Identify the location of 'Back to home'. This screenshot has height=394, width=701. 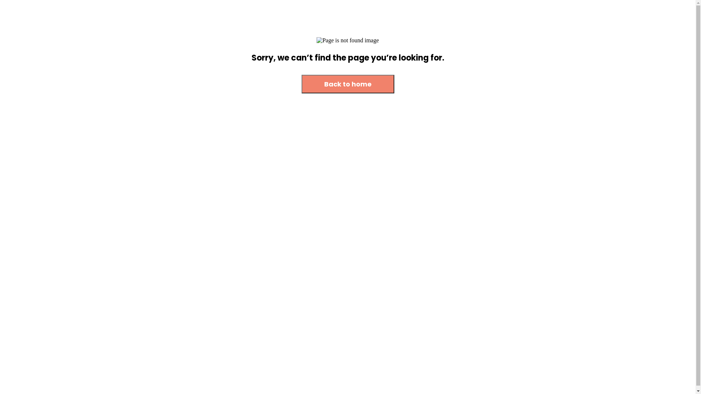
(348, 84).